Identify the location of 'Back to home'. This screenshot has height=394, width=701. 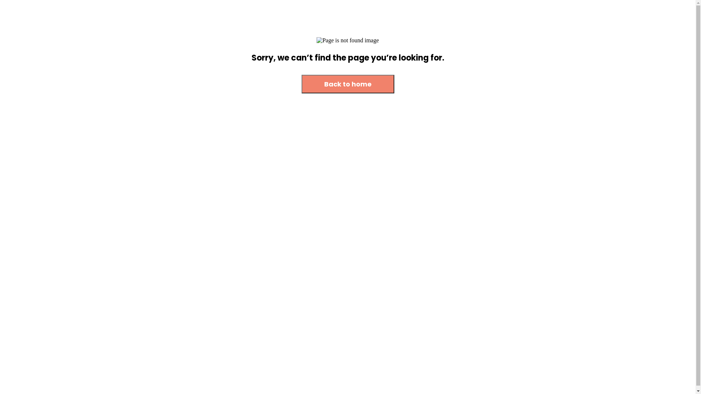
(348, 84).